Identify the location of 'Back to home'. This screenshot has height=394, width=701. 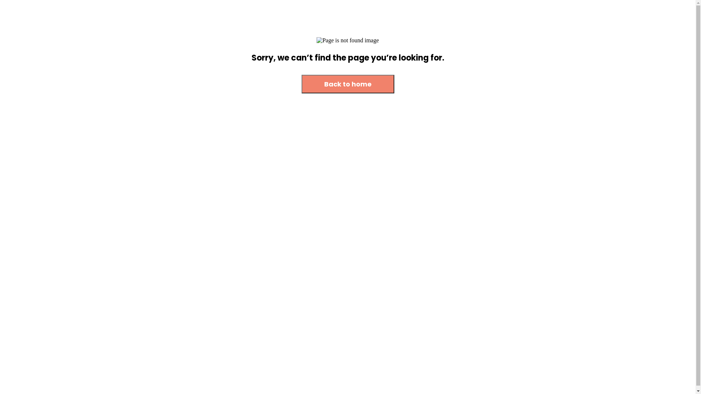
(348, 84).